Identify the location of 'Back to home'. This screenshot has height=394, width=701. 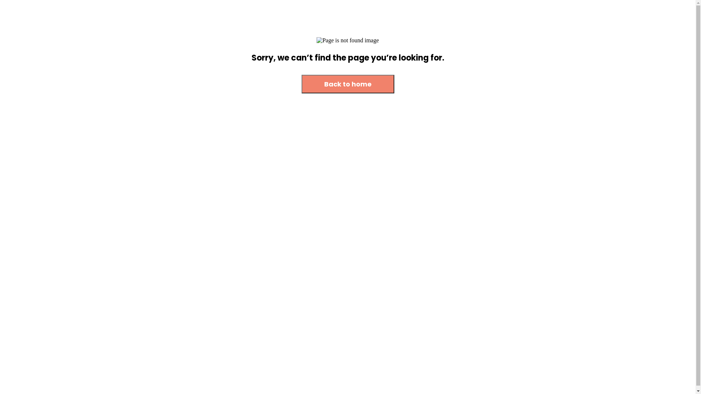
(348, 84).